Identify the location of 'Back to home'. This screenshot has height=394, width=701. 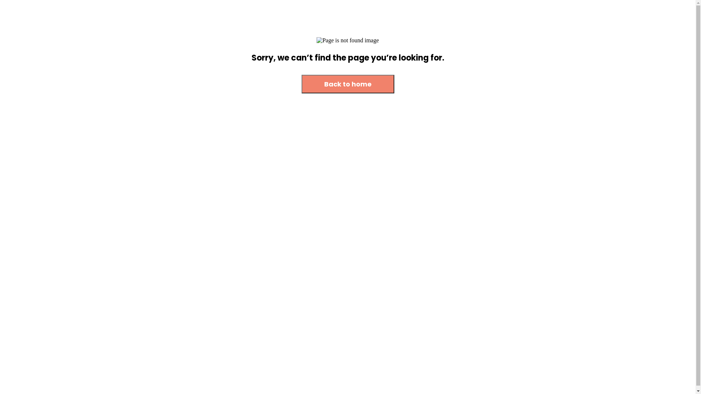
(348, 84).